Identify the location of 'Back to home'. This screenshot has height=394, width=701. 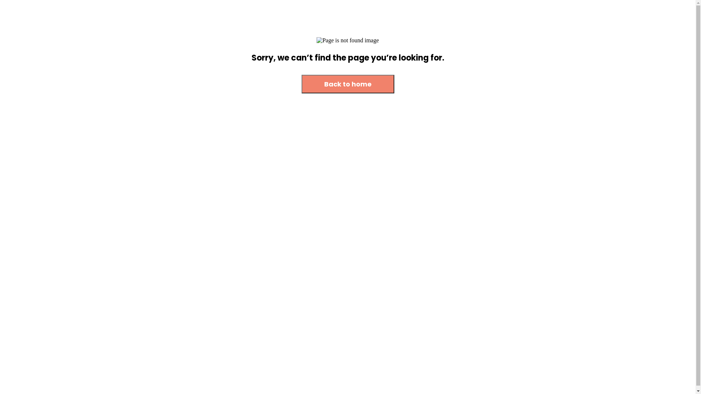
(348, 84).